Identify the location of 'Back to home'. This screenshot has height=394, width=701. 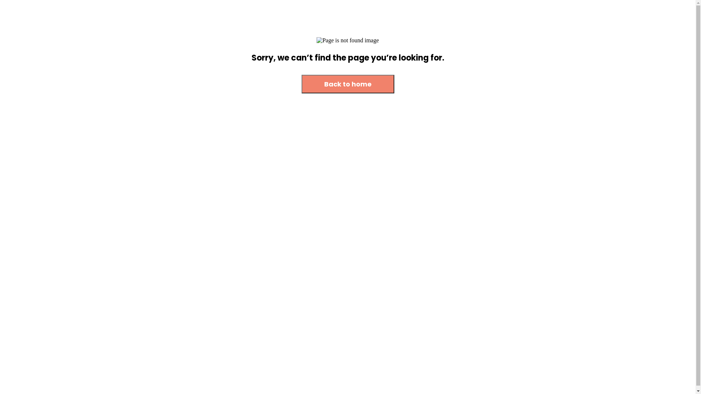
(348, 84).